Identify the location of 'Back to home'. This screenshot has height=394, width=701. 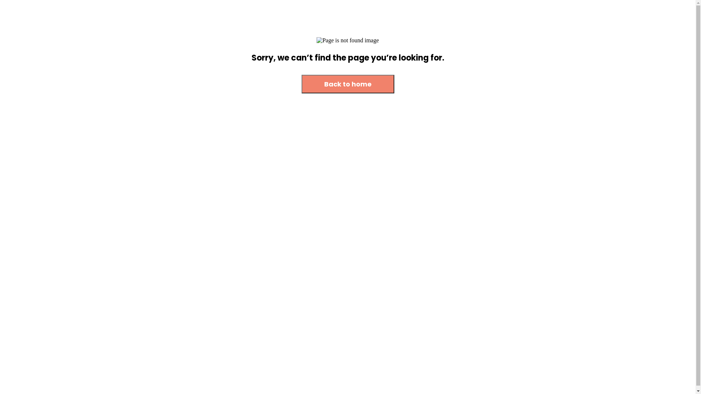
(348, 84).